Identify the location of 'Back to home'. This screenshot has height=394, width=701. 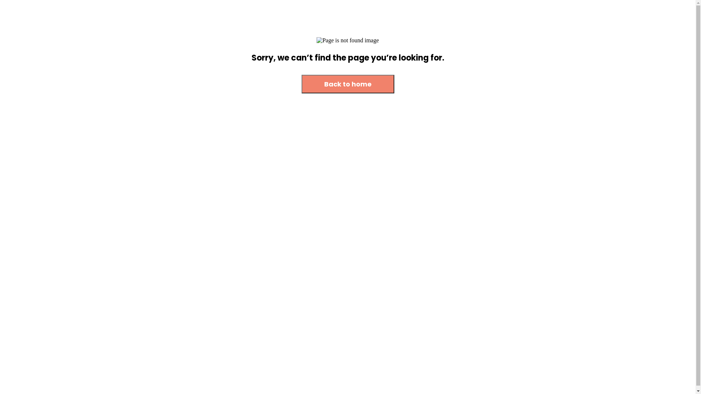
(348, 84).